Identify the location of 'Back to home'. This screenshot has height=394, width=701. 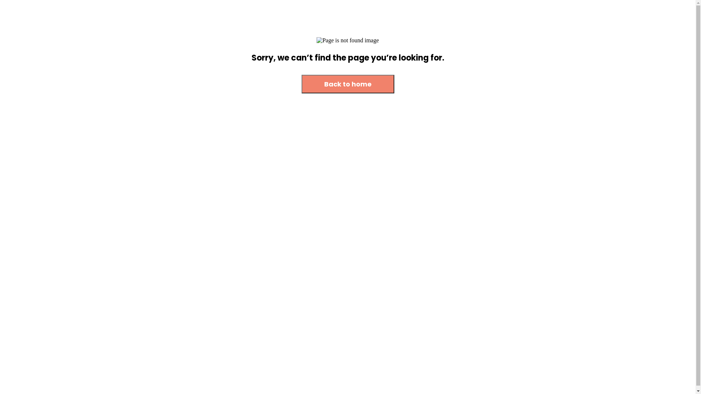
(348, 84).